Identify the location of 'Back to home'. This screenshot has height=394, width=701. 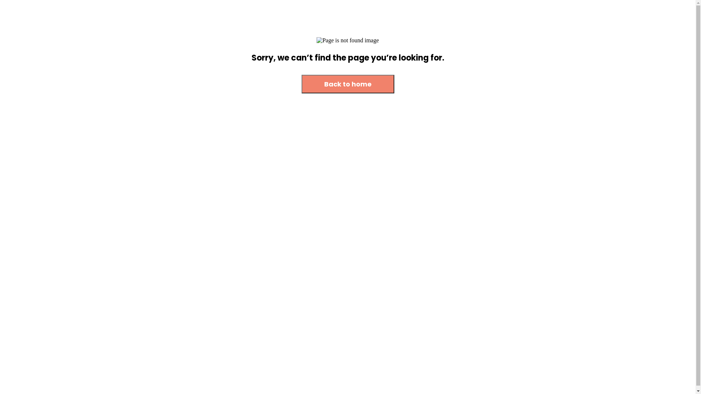
(348, 84).